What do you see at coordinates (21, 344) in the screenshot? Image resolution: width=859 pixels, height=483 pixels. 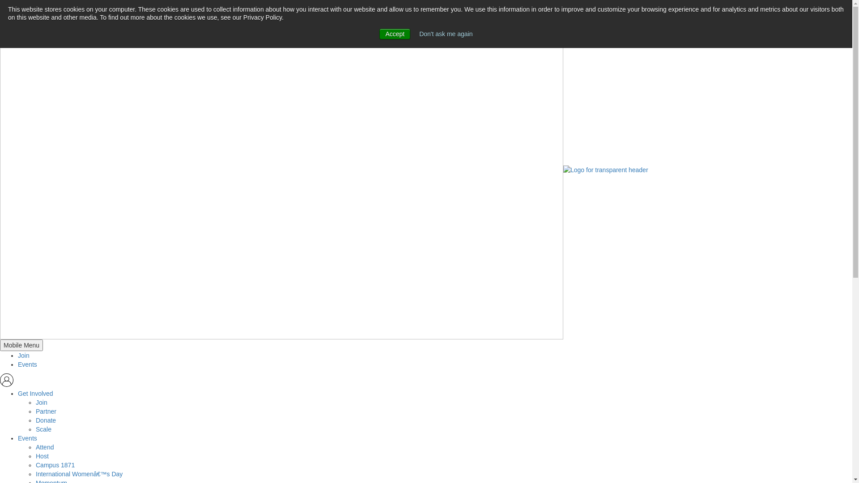 I see `'Mobile Menu'` at bounding box center [21, 344].